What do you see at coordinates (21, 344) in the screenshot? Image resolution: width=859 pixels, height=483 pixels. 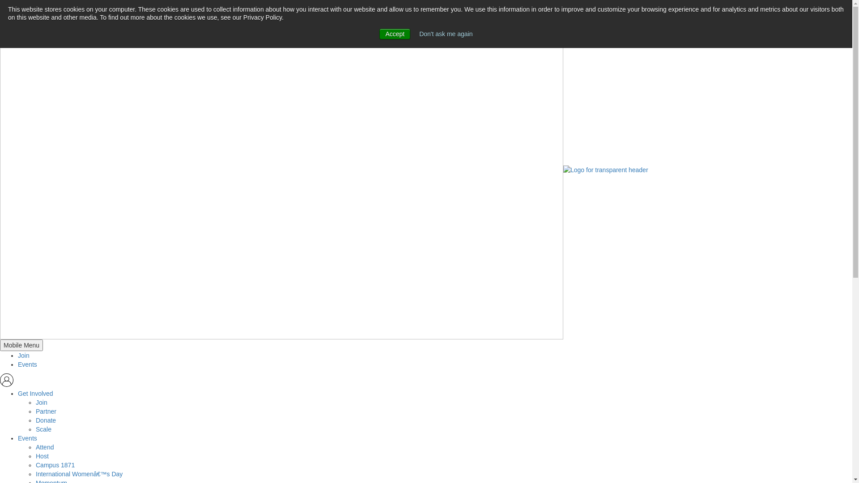 I see `'Mobile Menu'` at bounding box center [21, 344].